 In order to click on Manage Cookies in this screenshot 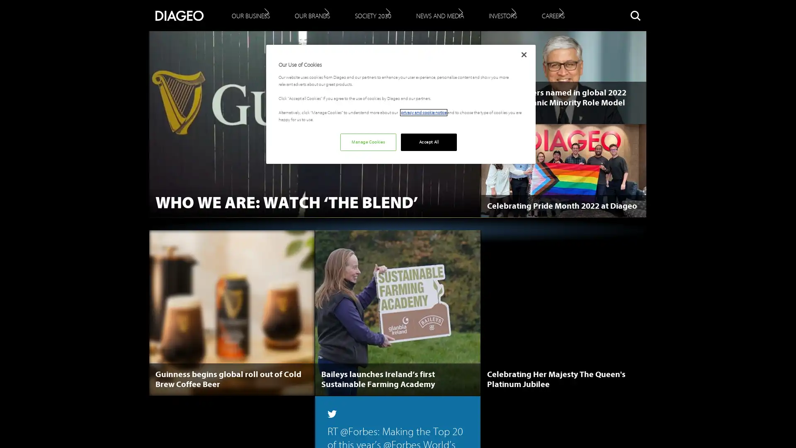, I will do `click(367, 141)`.